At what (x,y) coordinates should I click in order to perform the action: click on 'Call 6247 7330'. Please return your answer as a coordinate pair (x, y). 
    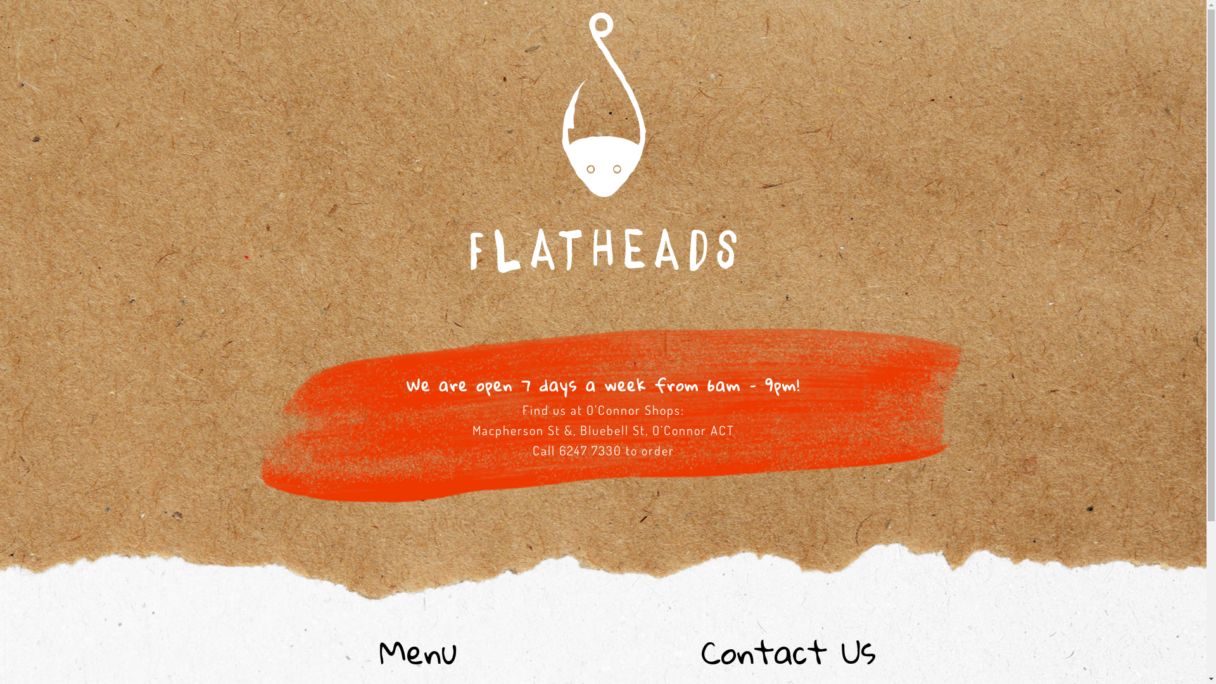
    Looking at the image, I should click on (576, 449).